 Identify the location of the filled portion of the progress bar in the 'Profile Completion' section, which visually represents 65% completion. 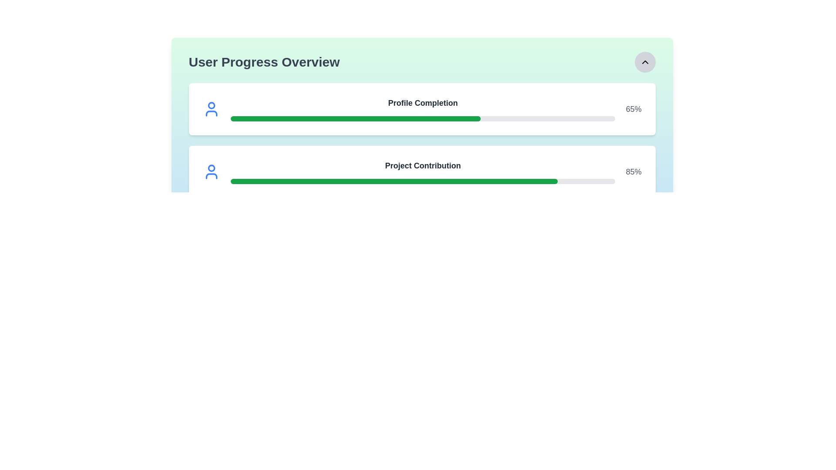
(355, 119).